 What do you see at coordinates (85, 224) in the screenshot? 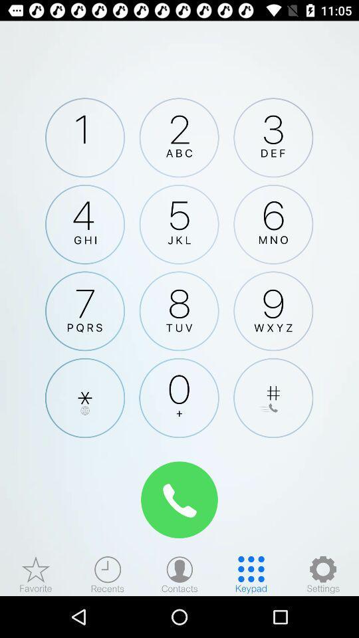
I see `4 button` at bounding box center [85, 224].